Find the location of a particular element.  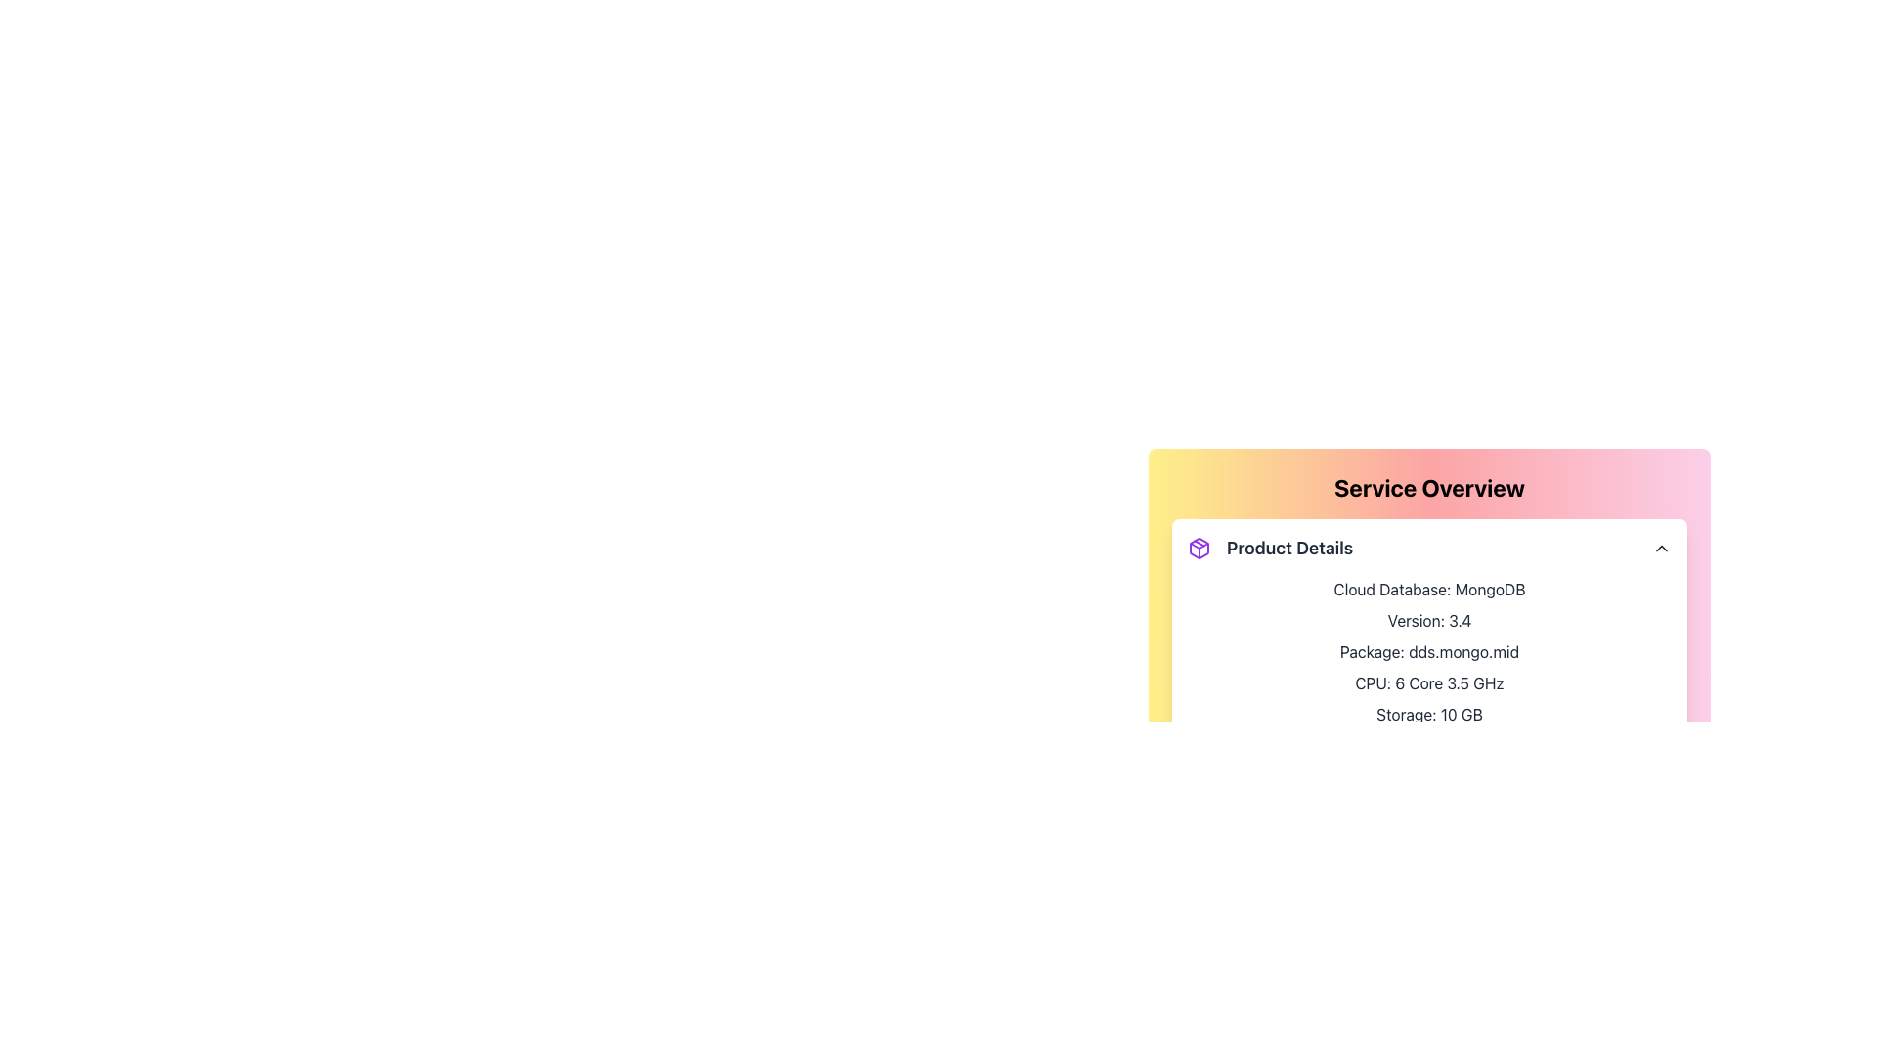

the chevron button located at the far right end of the 'Product Details' section is located at coordinates (1660, 548).